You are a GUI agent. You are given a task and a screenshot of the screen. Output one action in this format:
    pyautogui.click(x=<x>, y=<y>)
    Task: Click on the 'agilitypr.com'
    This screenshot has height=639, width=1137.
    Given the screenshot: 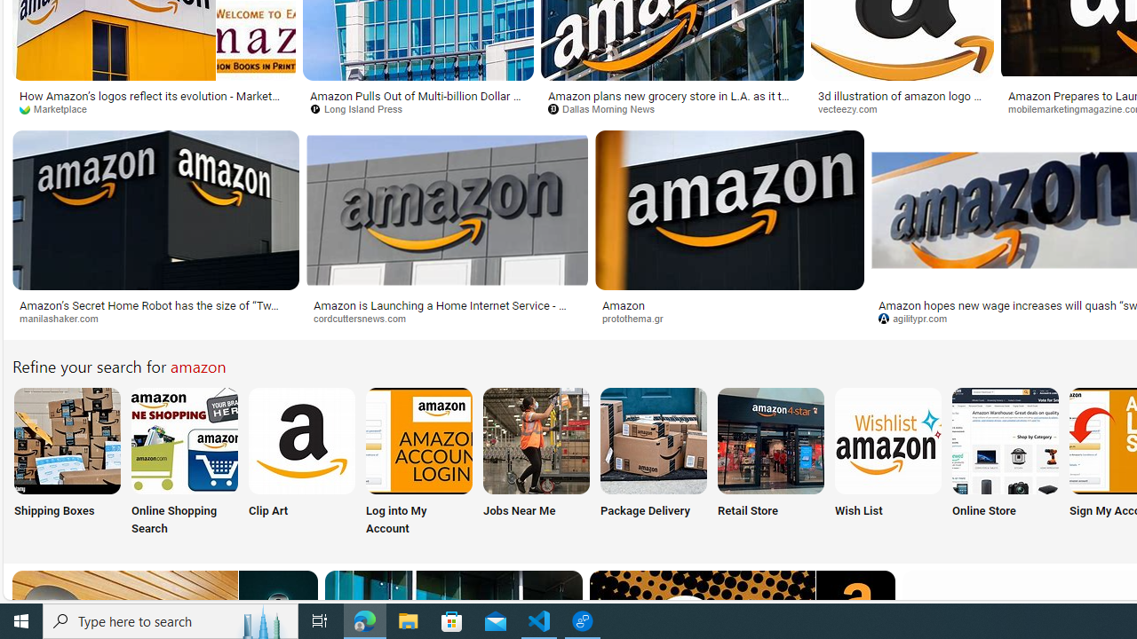 What is the action you would take?
    pyautogui.click(x=919, y=317)
    